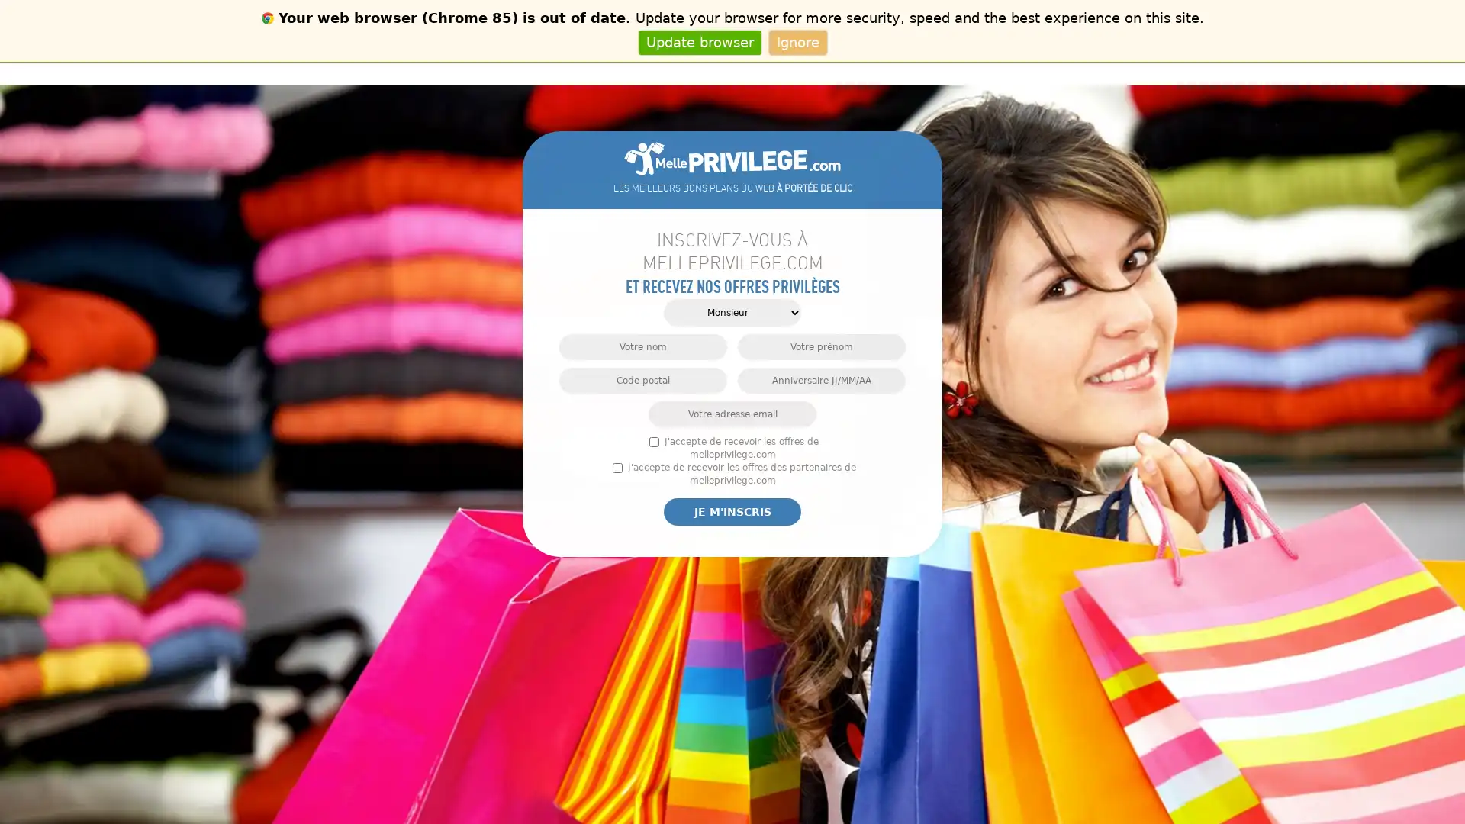 The height and width of the screenshot is (824, 1465). Describe the element at coordinates (797, 41) in the screenshot. I see `Ignore` at that location.